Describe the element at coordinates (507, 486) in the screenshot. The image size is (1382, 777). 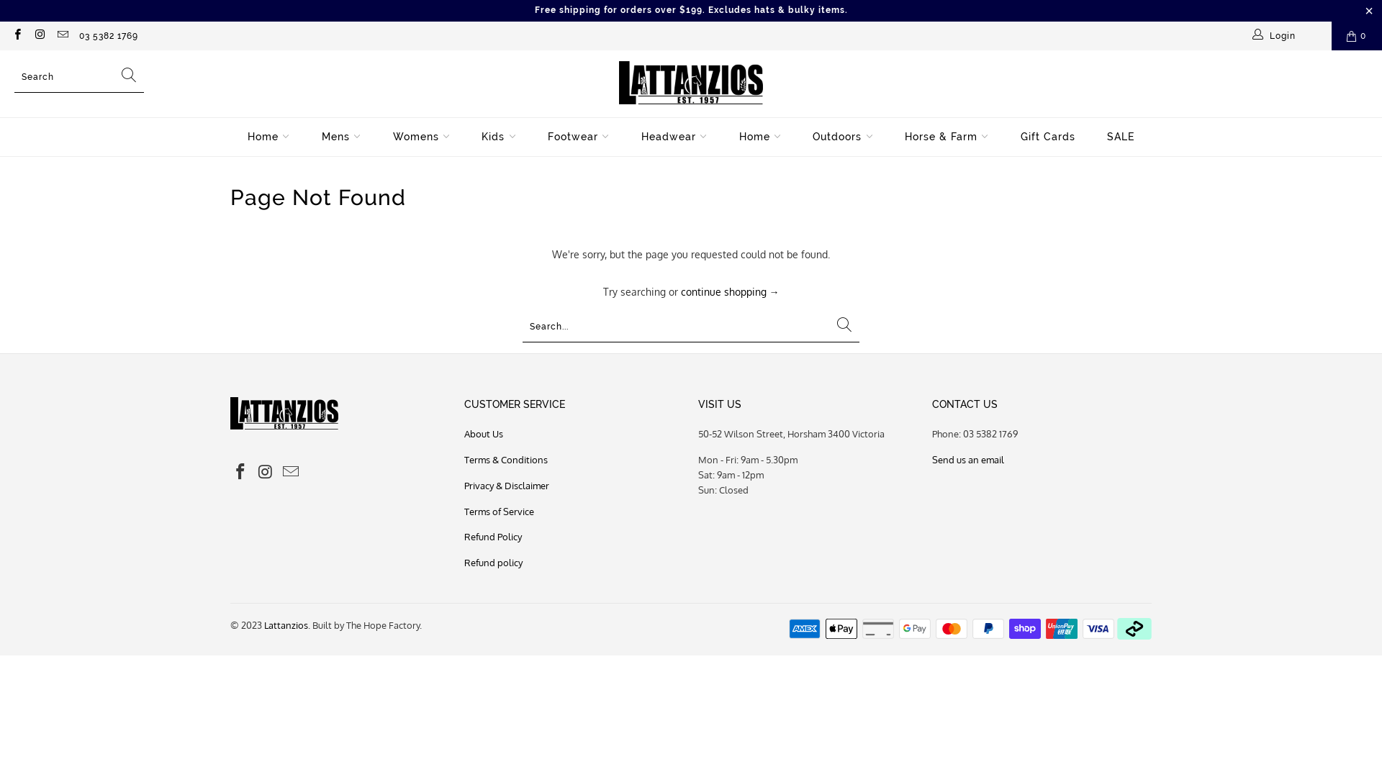
I see `'Privacy & Disclaimer'` at that location.